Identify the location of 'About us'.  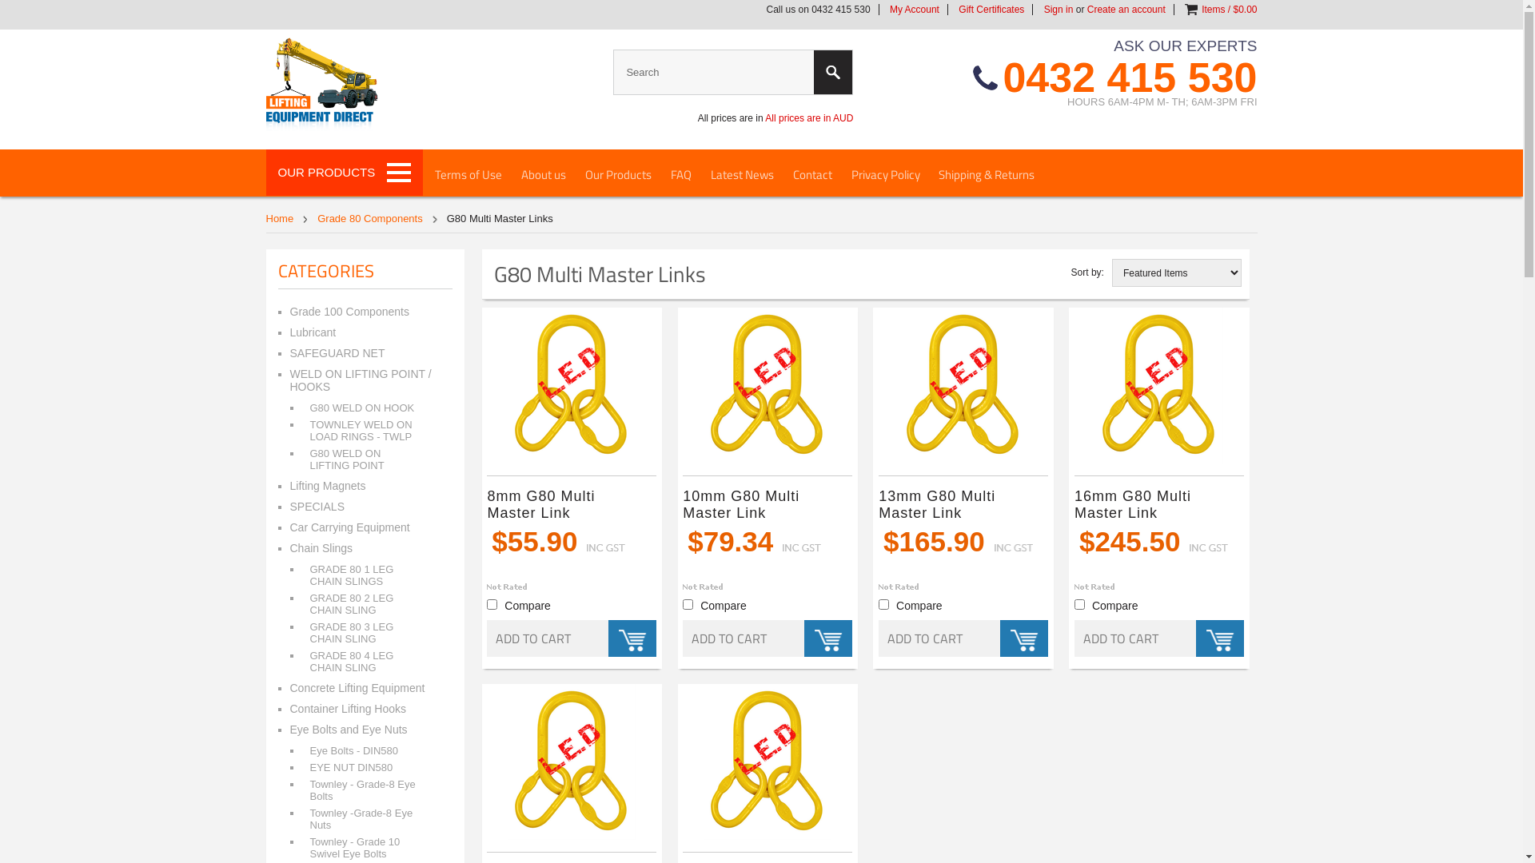
(521, 174).